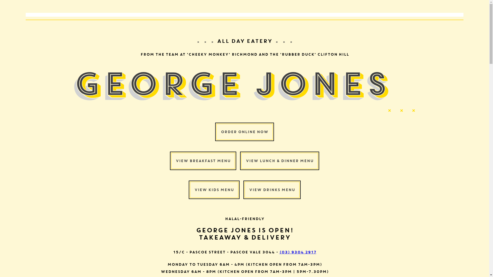 The image size is (493, 277). Describe the element at coordinates (279, 252) in the screenshot. I see `'(03) 9304 2917'` at that location.